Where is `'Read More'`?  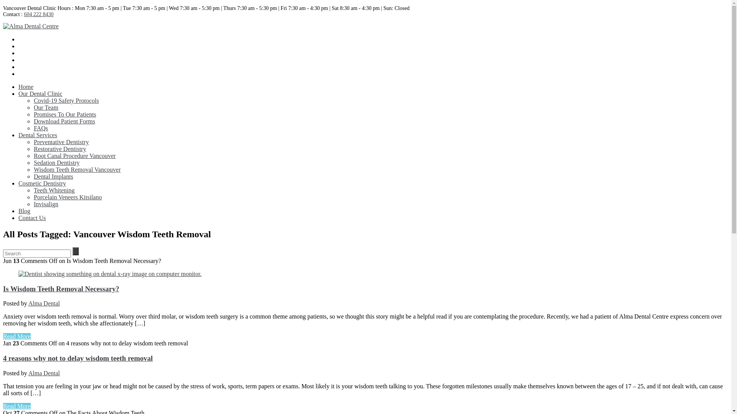 'Read More' is located at coordinates (3, 336).